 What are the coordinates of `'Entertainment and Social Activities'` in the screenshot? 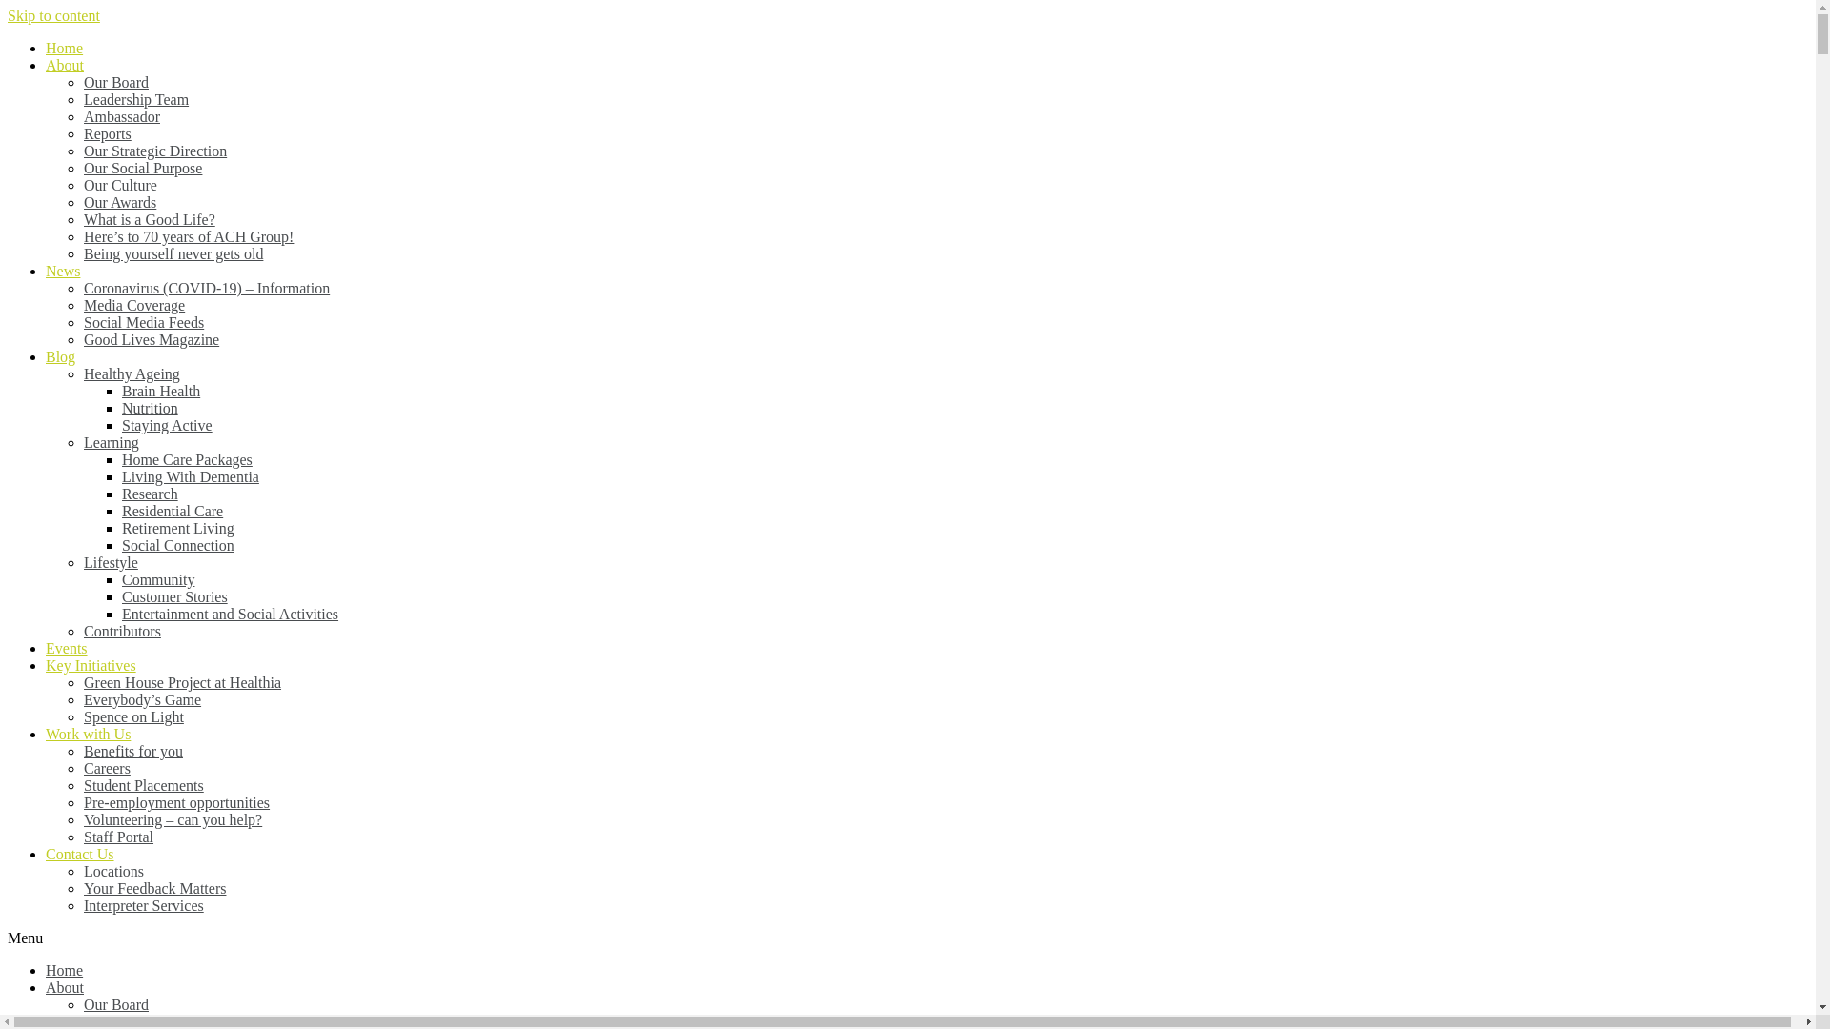 It's located at (229, 614).